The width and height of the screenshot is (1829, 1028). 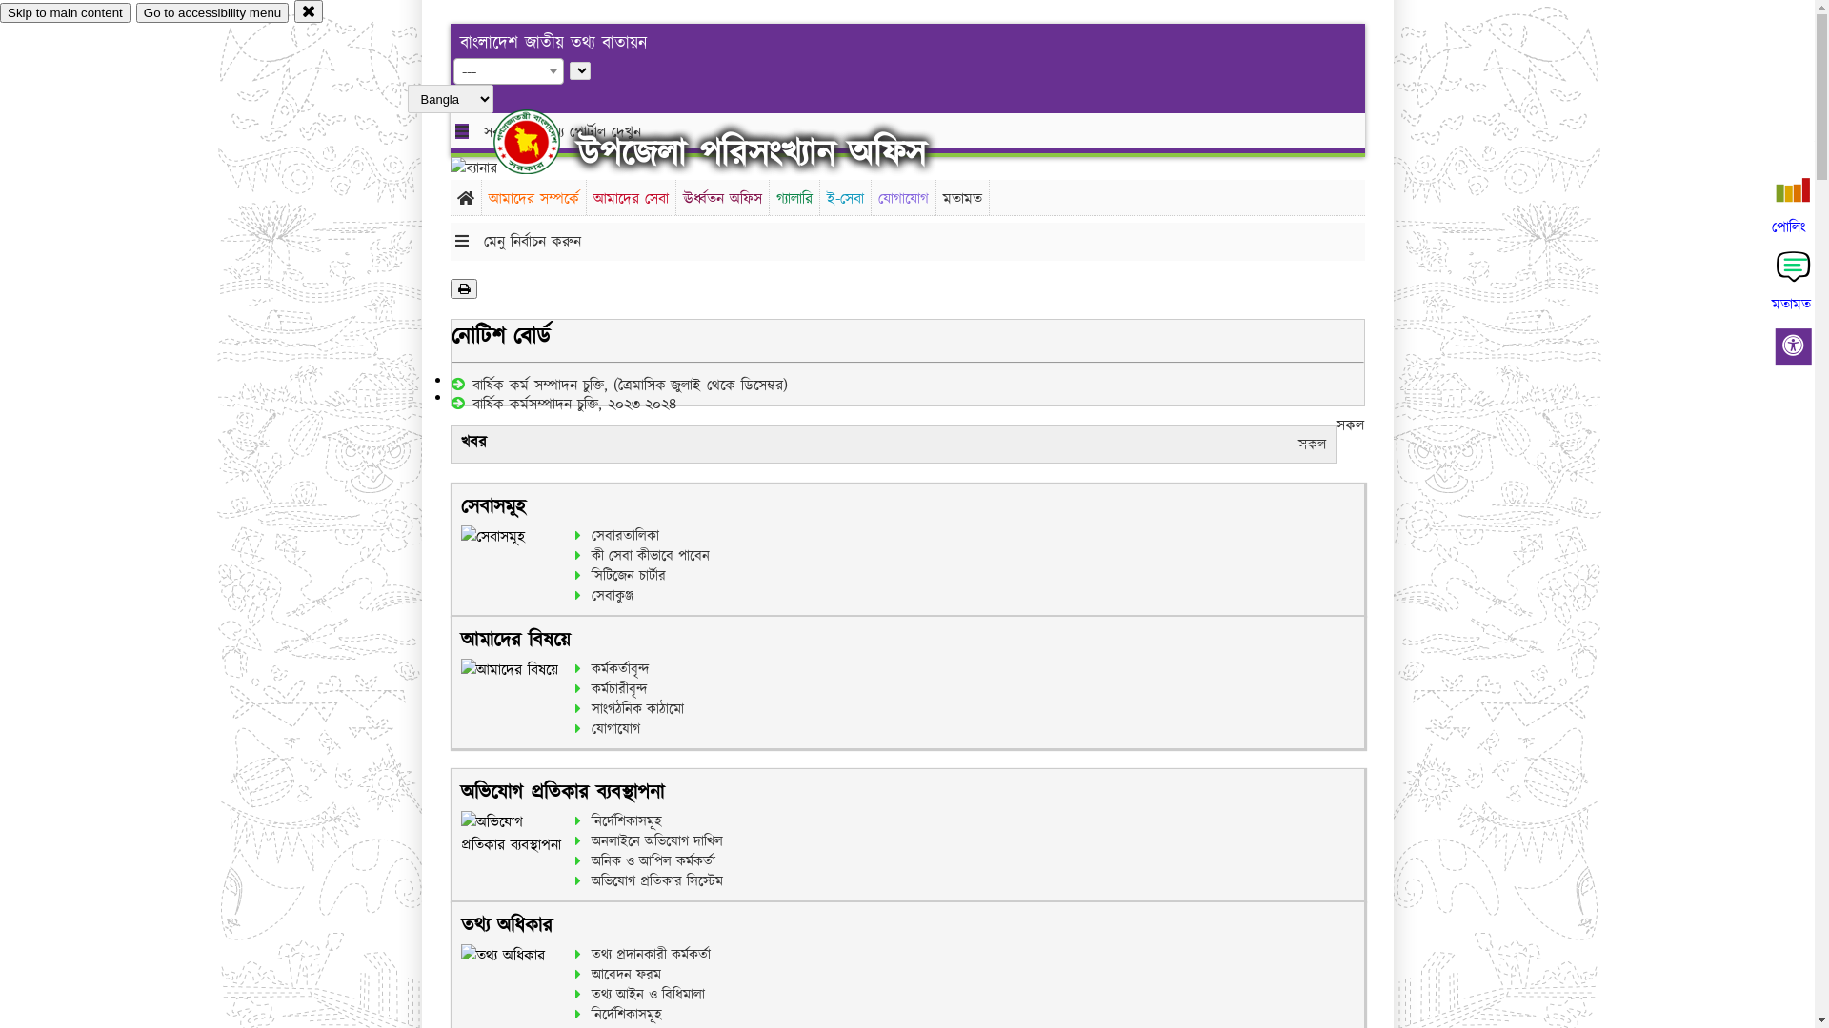 I want to click on 'Skip to main content', so click(x=65, y=12).